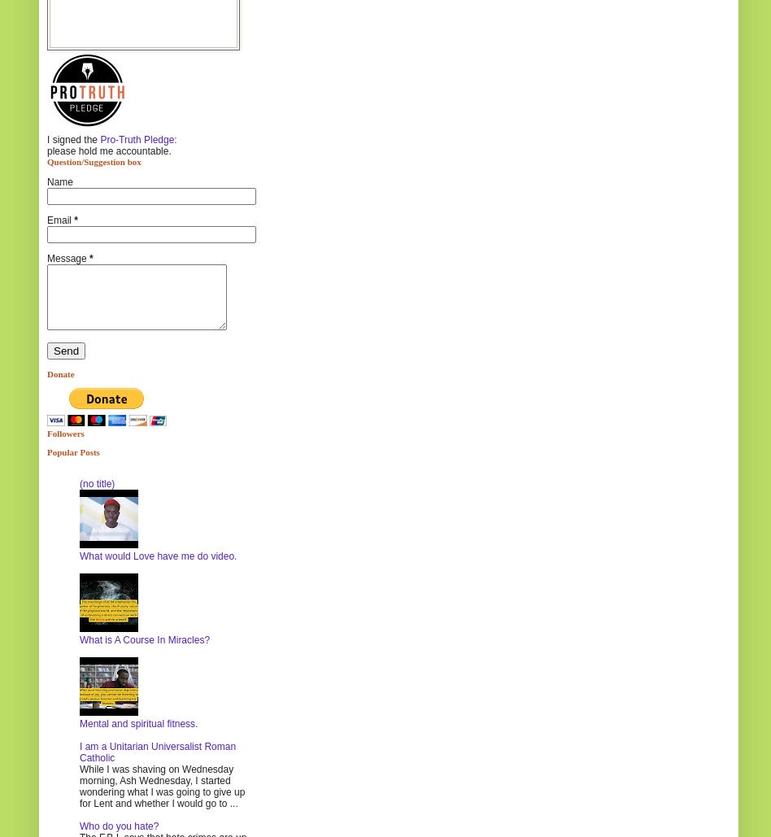  Describe the element at coordinates (65, 431) in the screenshot. I see `'Followers'` at that location.